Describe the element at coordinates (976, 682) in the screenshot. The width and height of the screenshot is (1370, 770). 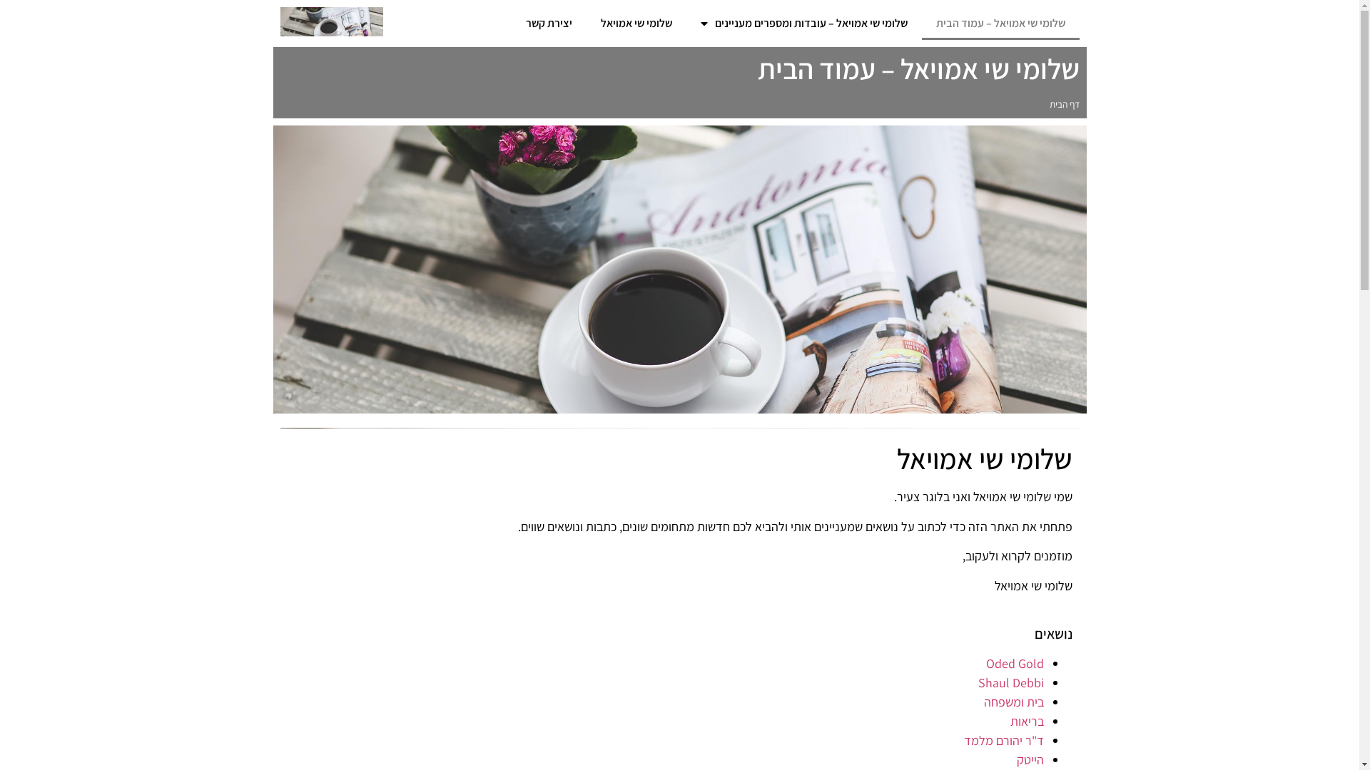
I see `'Shaul Debbi'` at that location.